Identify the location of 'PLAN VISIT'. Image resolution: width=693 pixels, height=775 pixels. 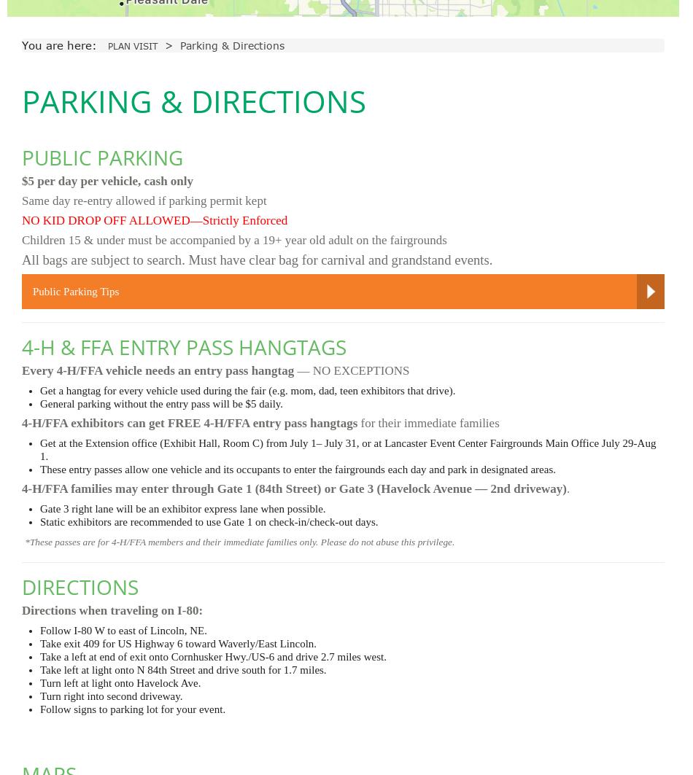
(133, 46).